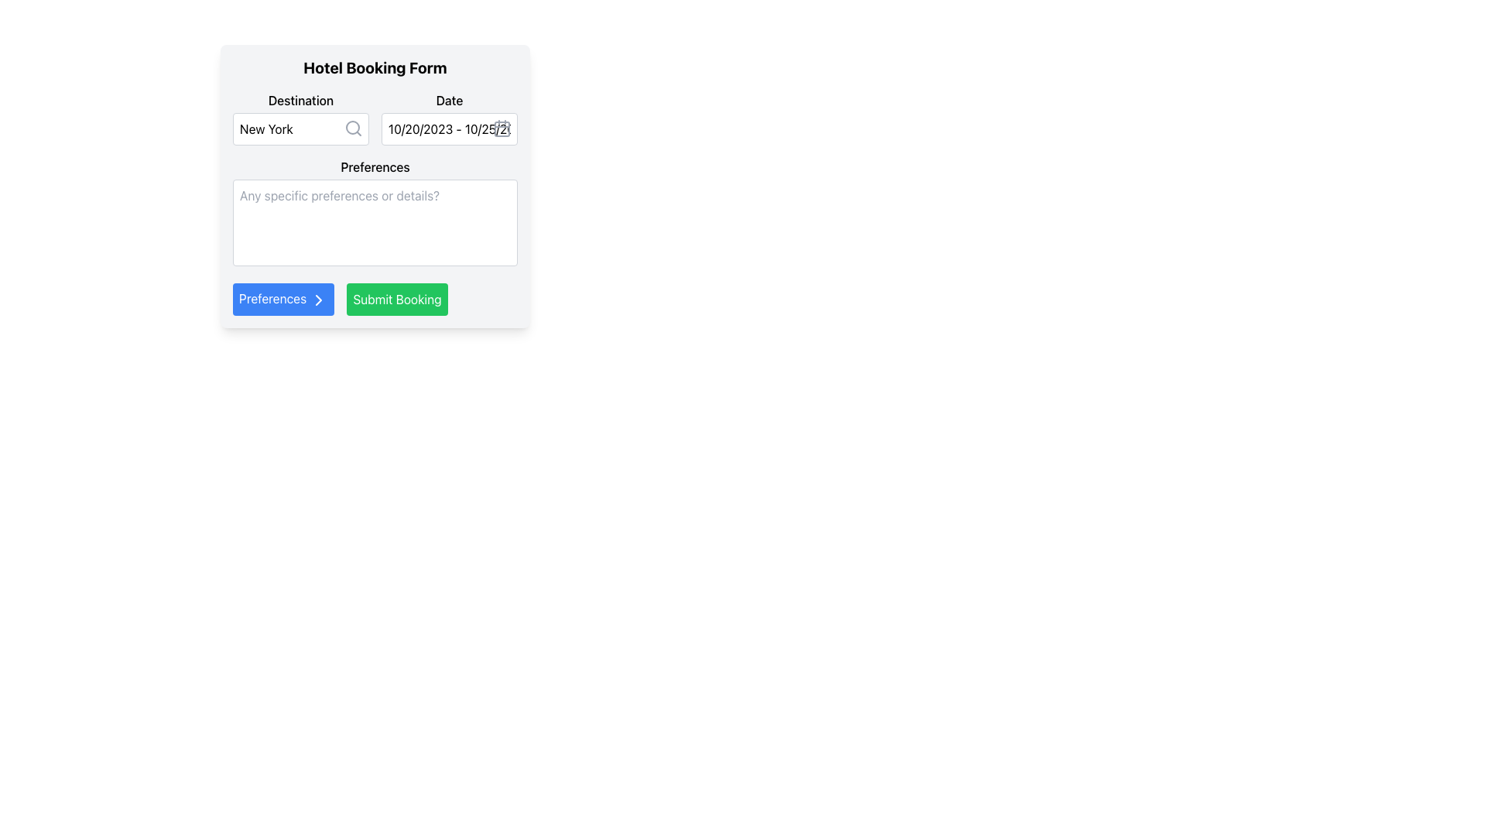  I want to click on the 'Preferences' button, which is a rectangular button with a blue background and white text located at the bottom-left corner of the main card layout, so click(283, 299).